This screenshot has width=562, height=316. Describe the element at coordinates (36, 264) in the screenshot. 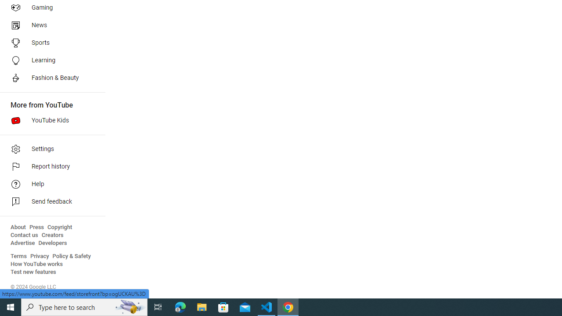

I see `'How YouTube works'` at that location.